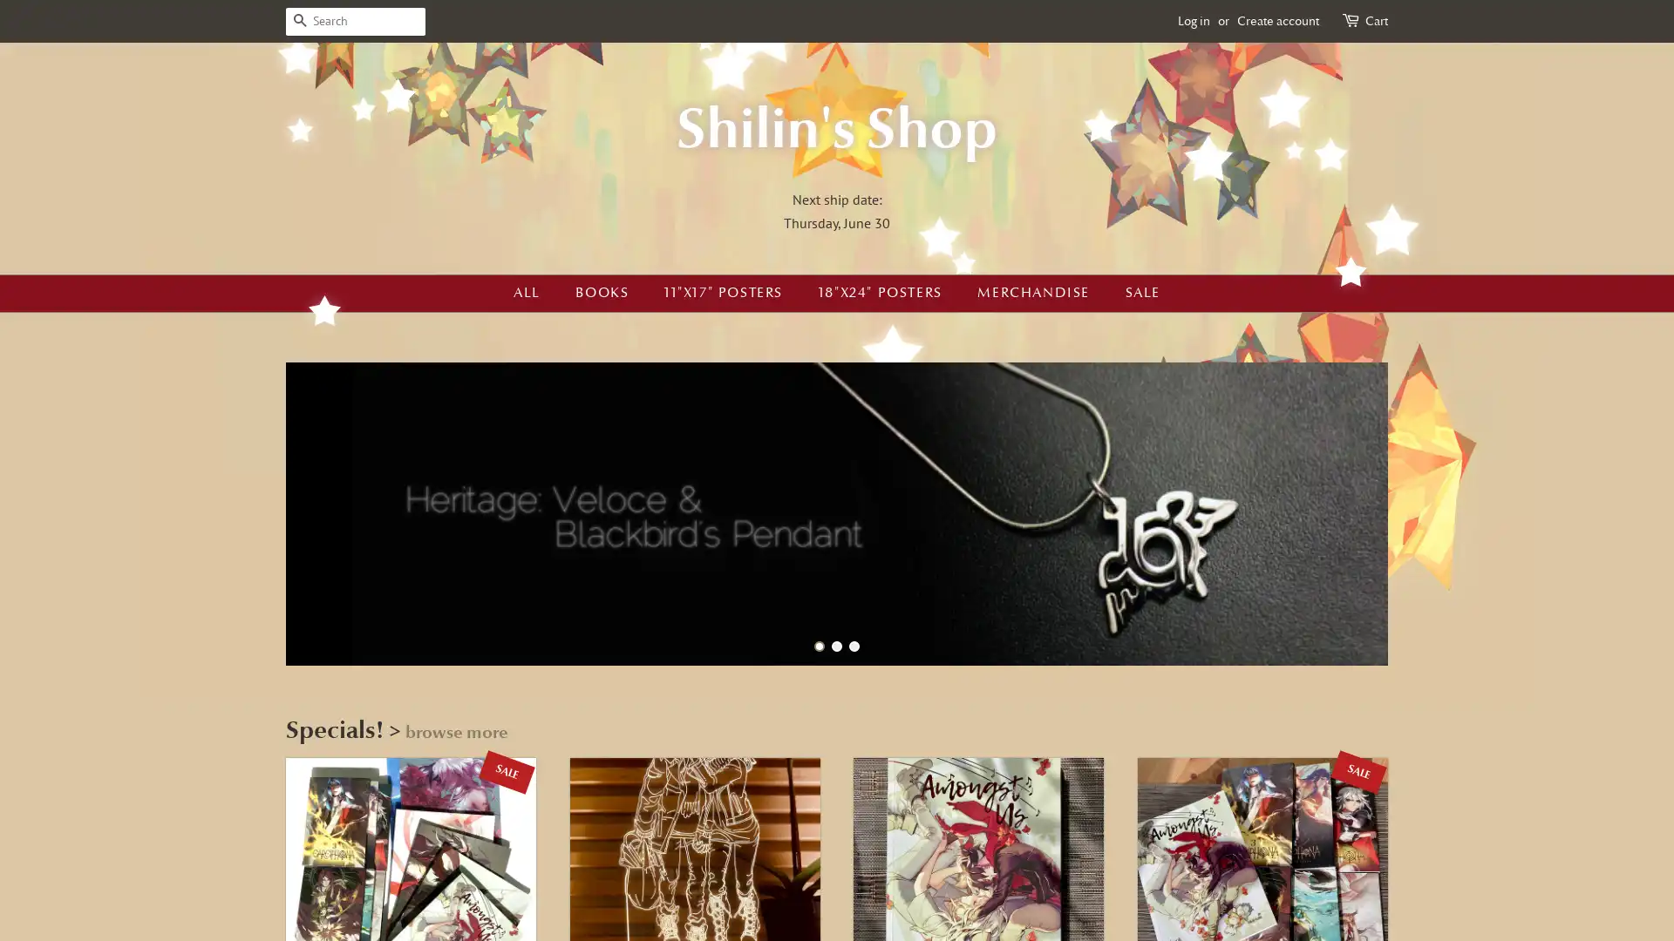  Describe the element at coordinates (300, 21) in the screenshot. I see `SEARCH` at that location.